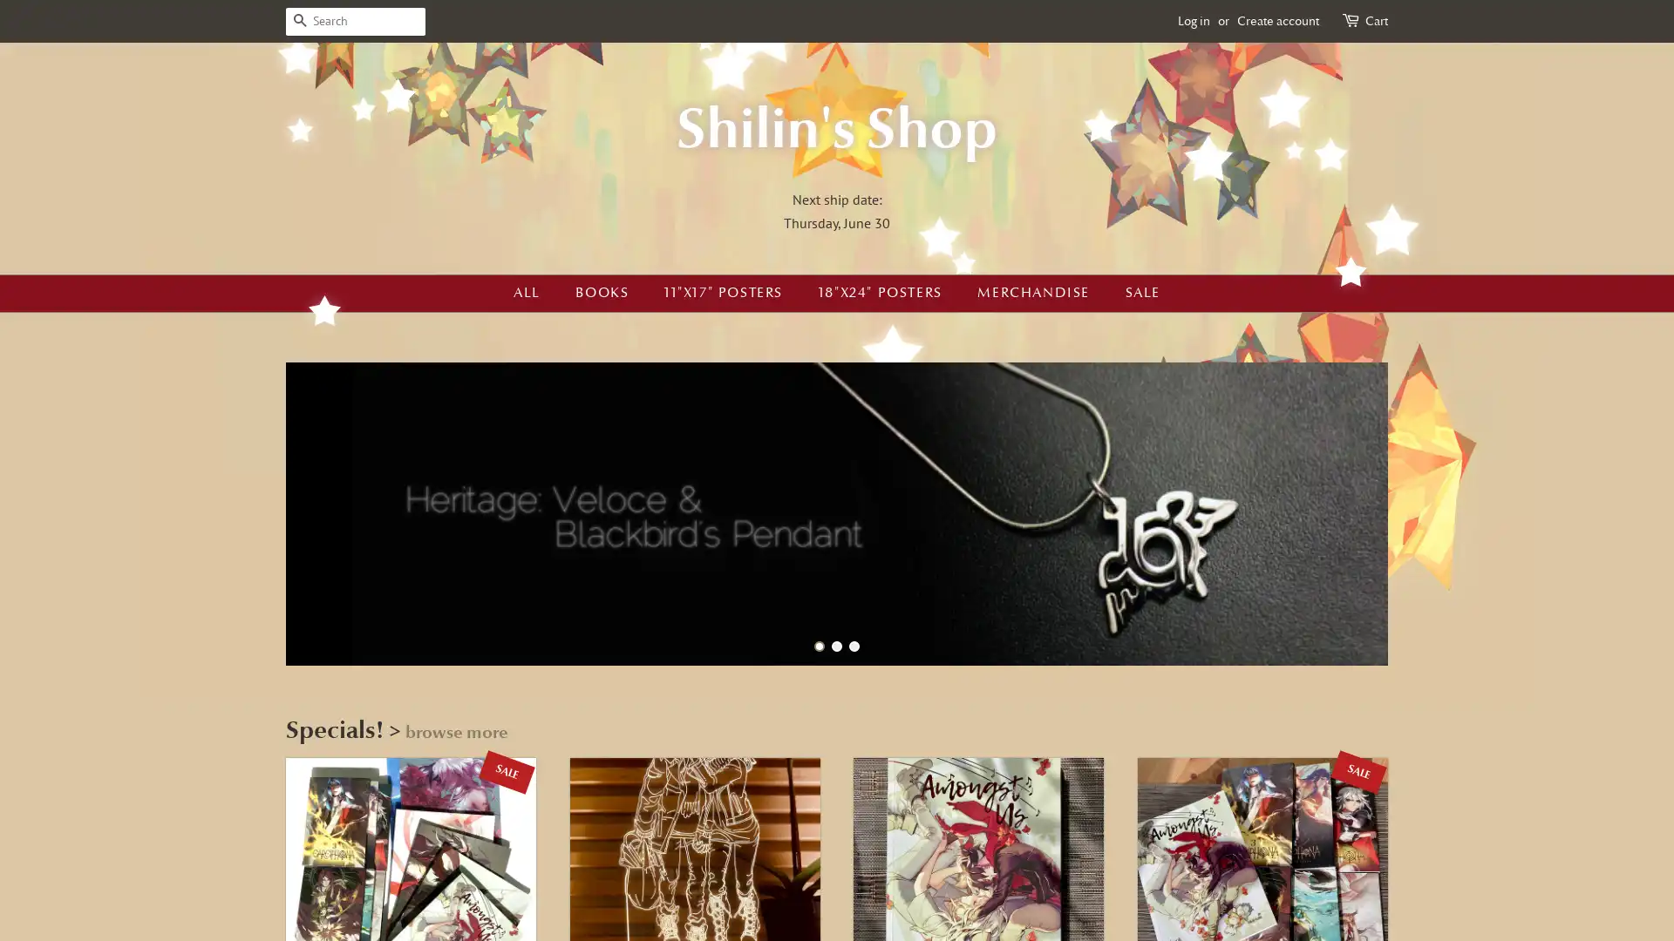  Describe the element at coordinates (300, 21) in the screenshot. I see `SEARCH` at that location.